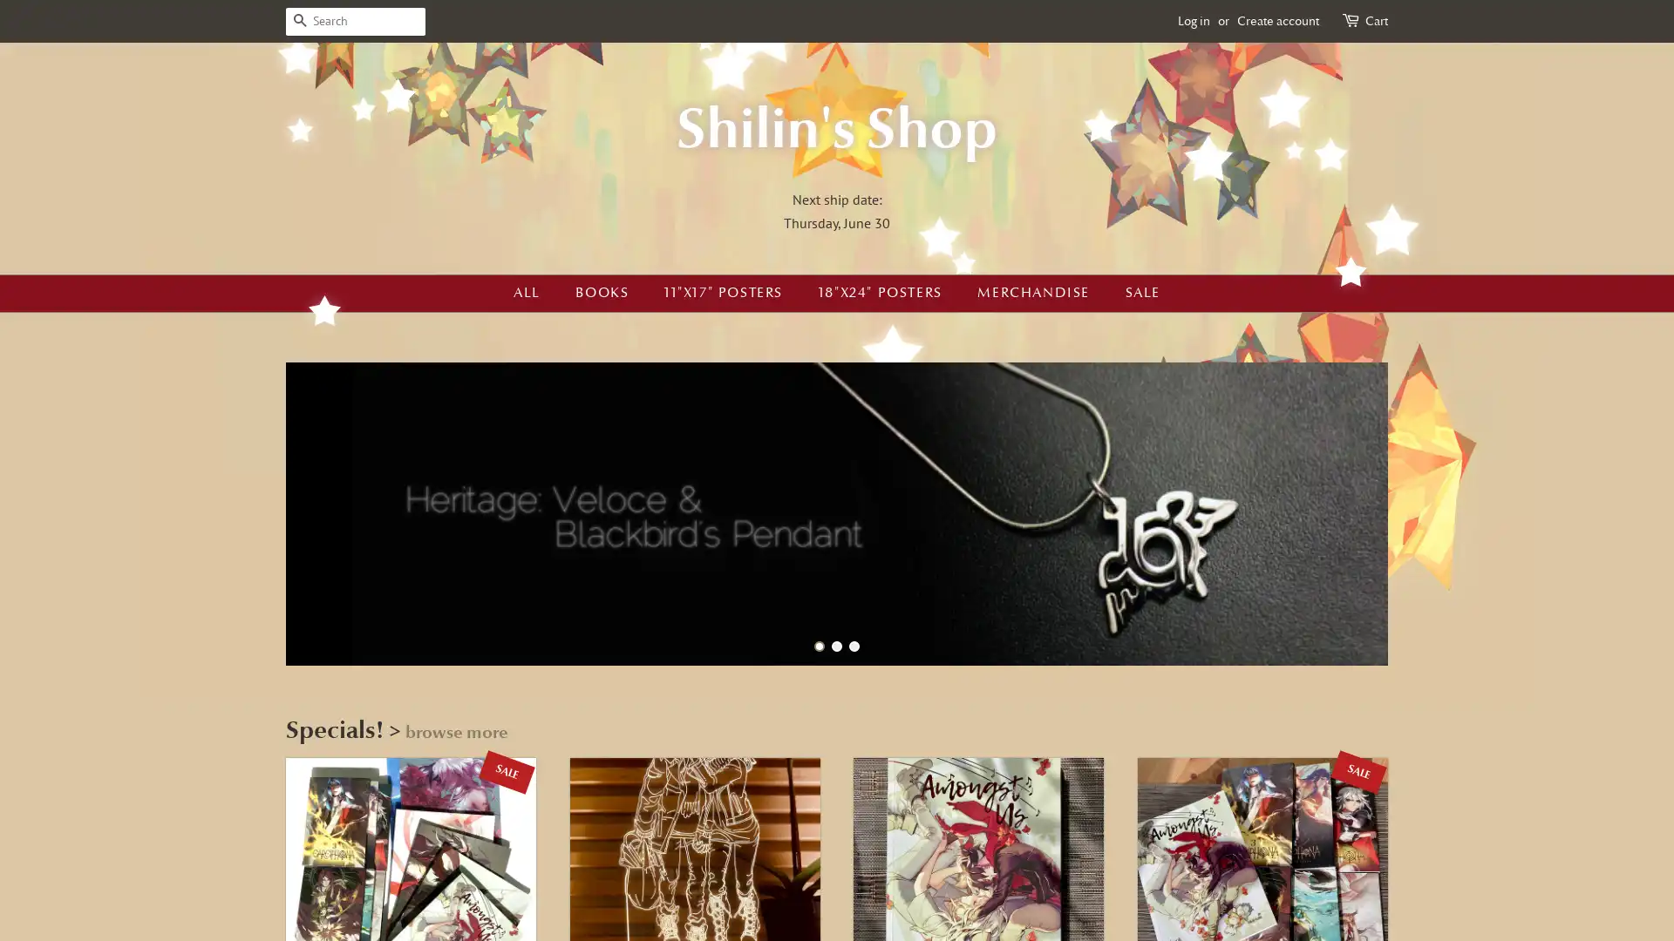  Describe the element at coordinates (300, 21) in the screenshot. I see `SEARCH` at that location.